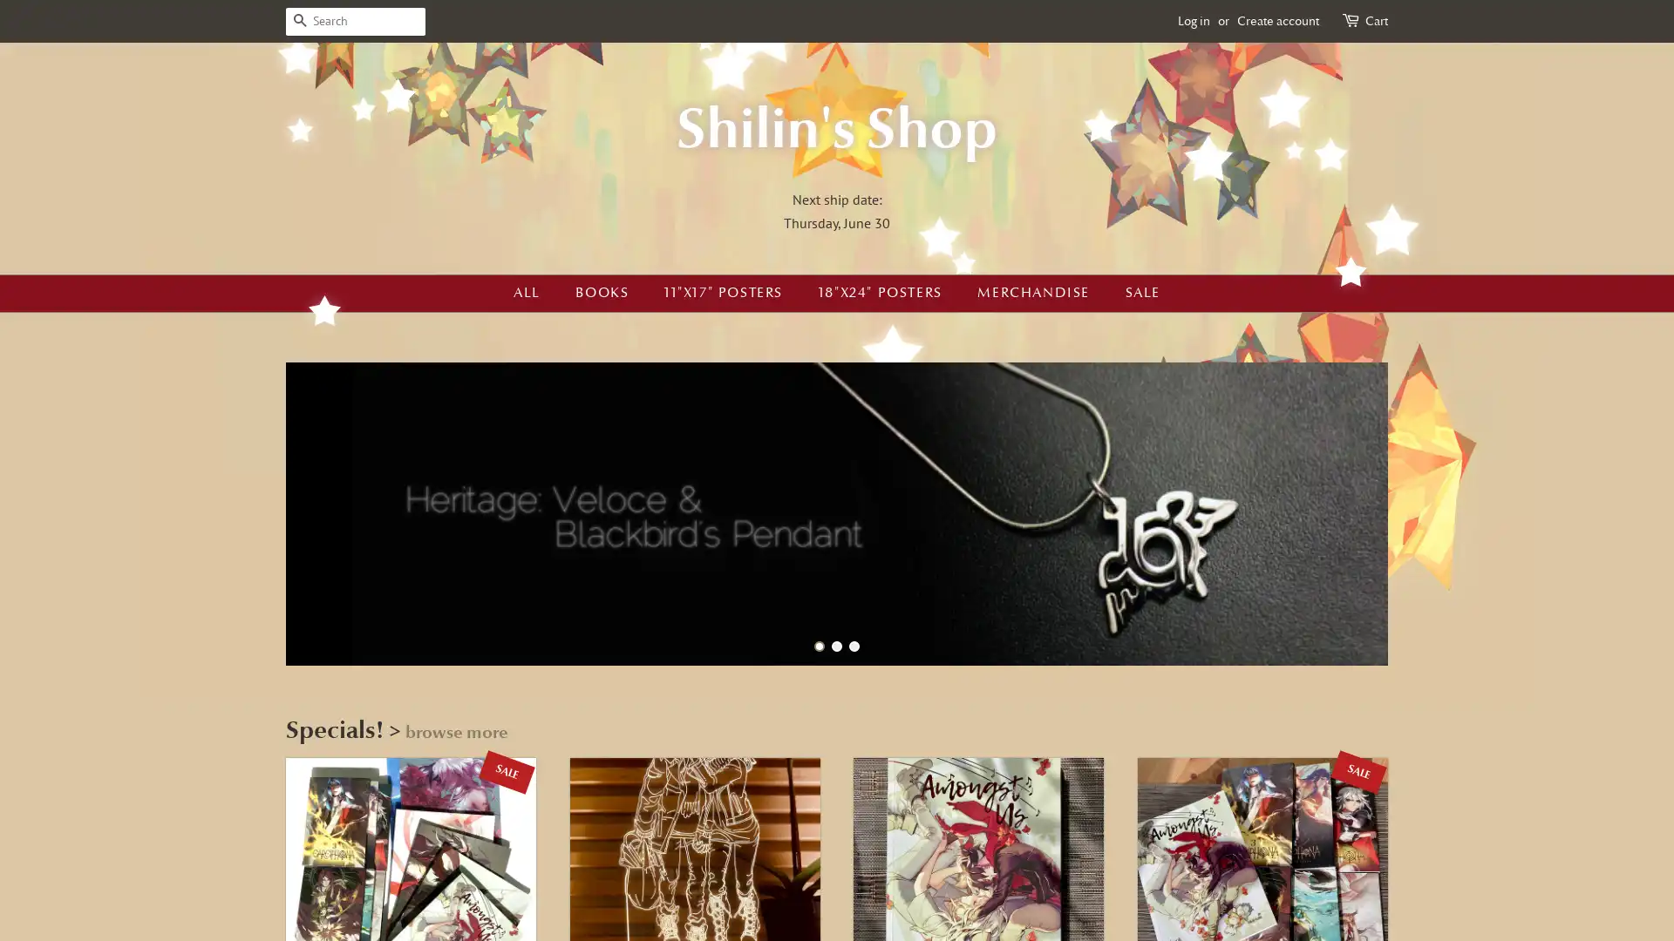  Describe the element at coordinates (300, 21) in the screenshot. I see `SEARCH` at that location.